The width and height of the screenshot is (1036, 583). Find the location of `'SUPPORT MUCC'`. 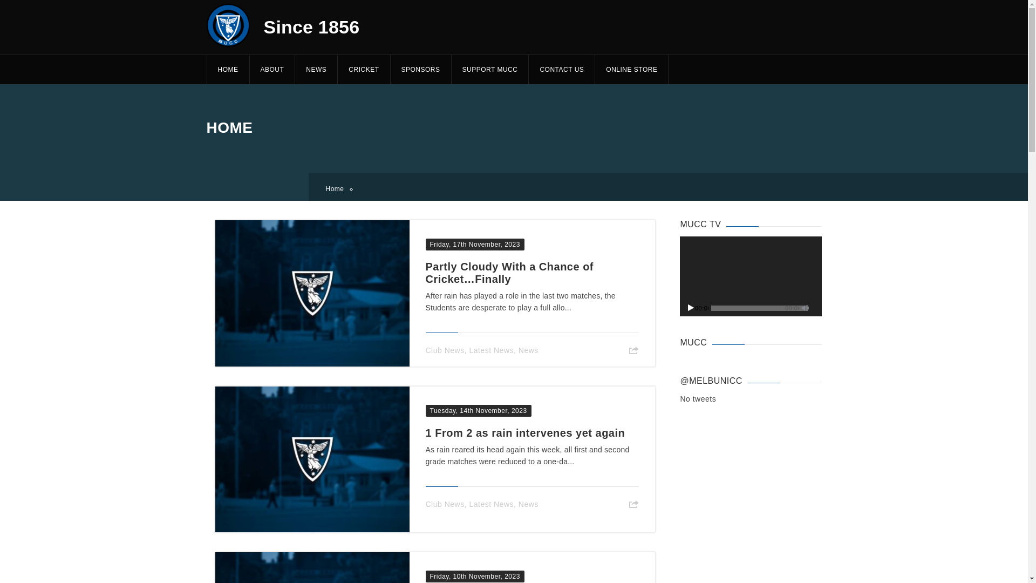

'SUPPORT MUCC' is located at coordinates (489, 69).